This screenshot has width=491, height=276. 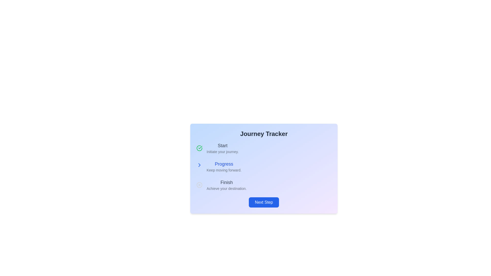 What do you see at coordinates (222, 146) in the screenshot?
I see `the text label displaying 'Start', which is styled in gray and located at the top-left of a vertically arranged list within a rectangular card` at bounding box center [222, 146].